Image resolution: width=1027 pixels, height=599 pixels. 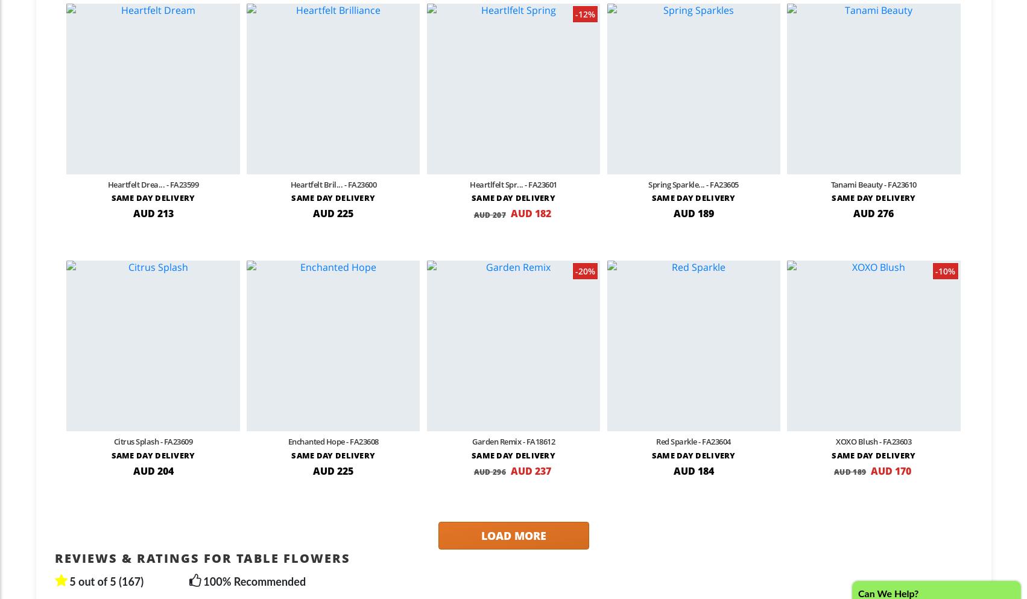 What do you see at coordinates (891, 470) in the screenshot?
I see `'AUD 170'` at bounding box center [891, 470].